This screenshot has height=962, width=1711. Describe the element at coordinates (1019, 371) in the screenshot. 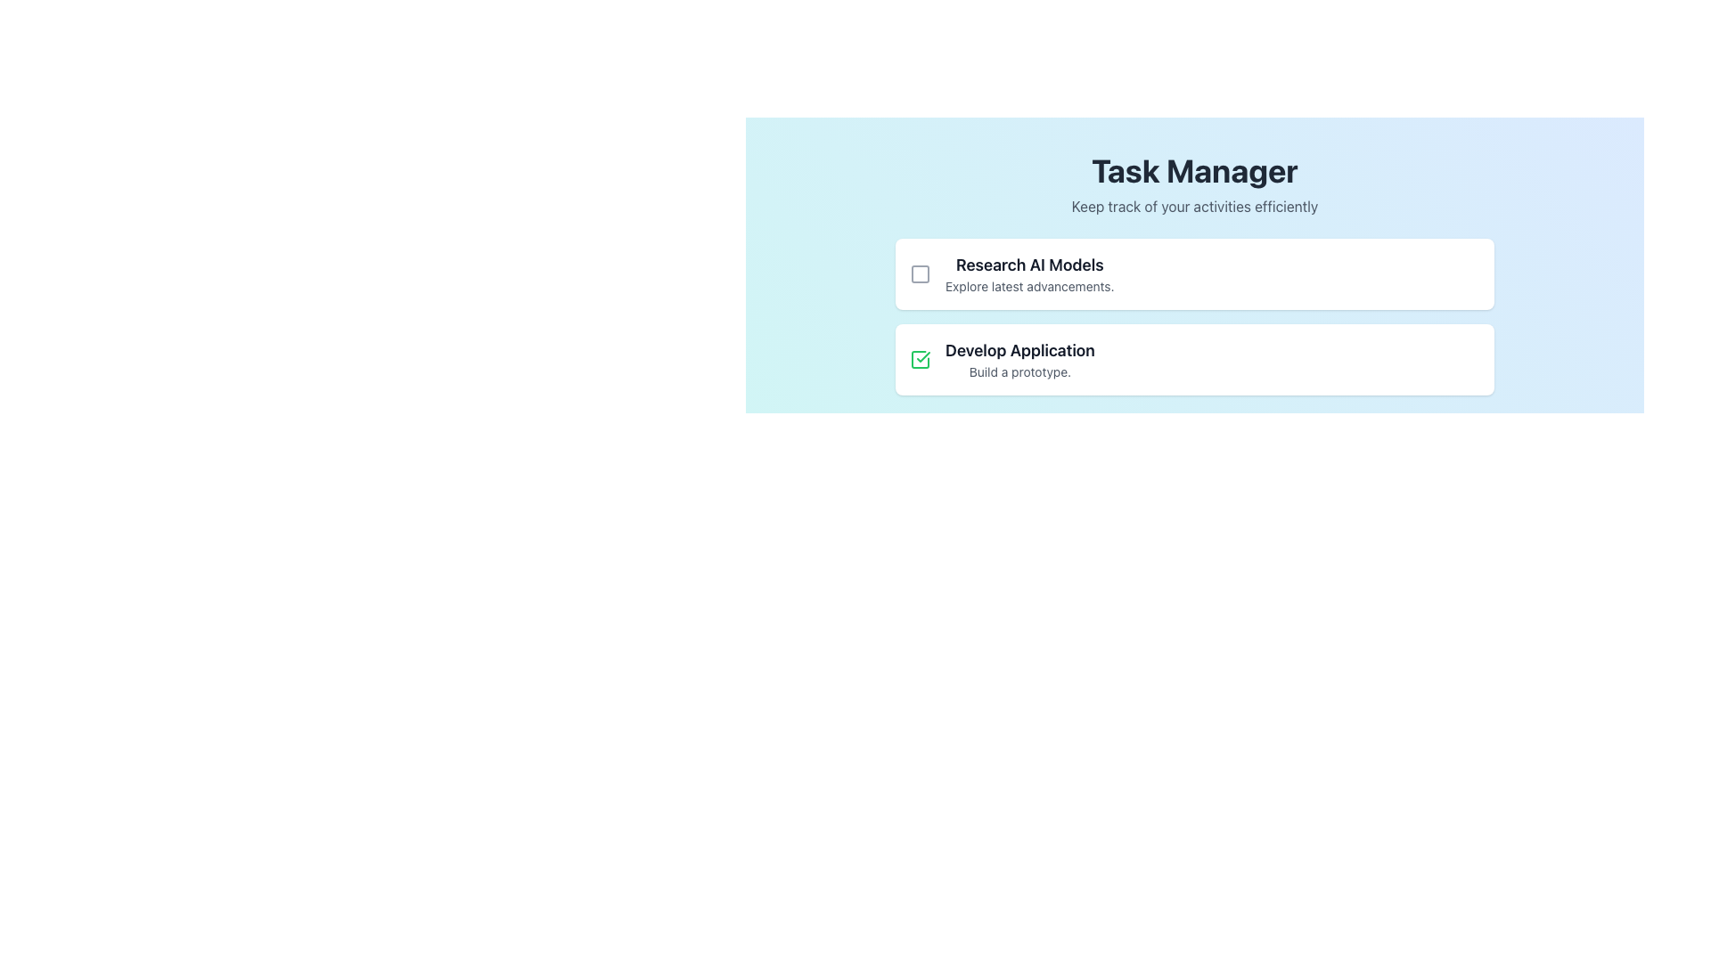

I see `the Text Label that provides additional details or instructions related to 'Develop Application.'` at that location.